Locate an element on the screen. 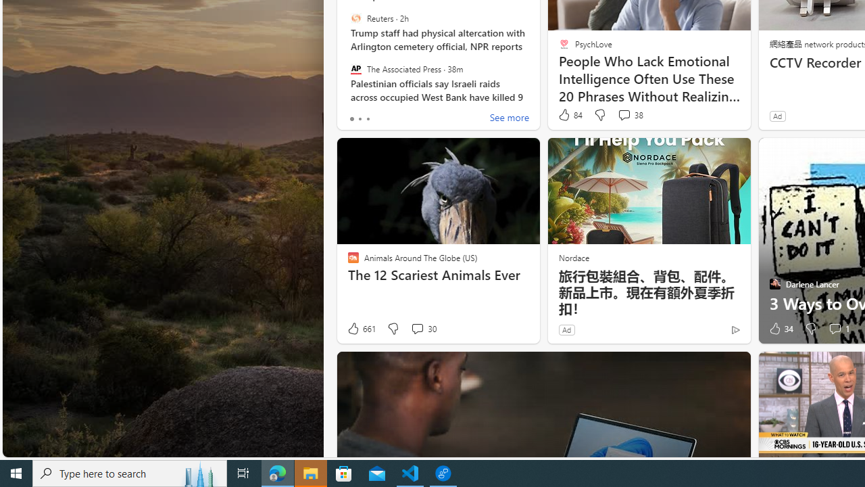  '34 Like' is located at coordinates (780, 329).